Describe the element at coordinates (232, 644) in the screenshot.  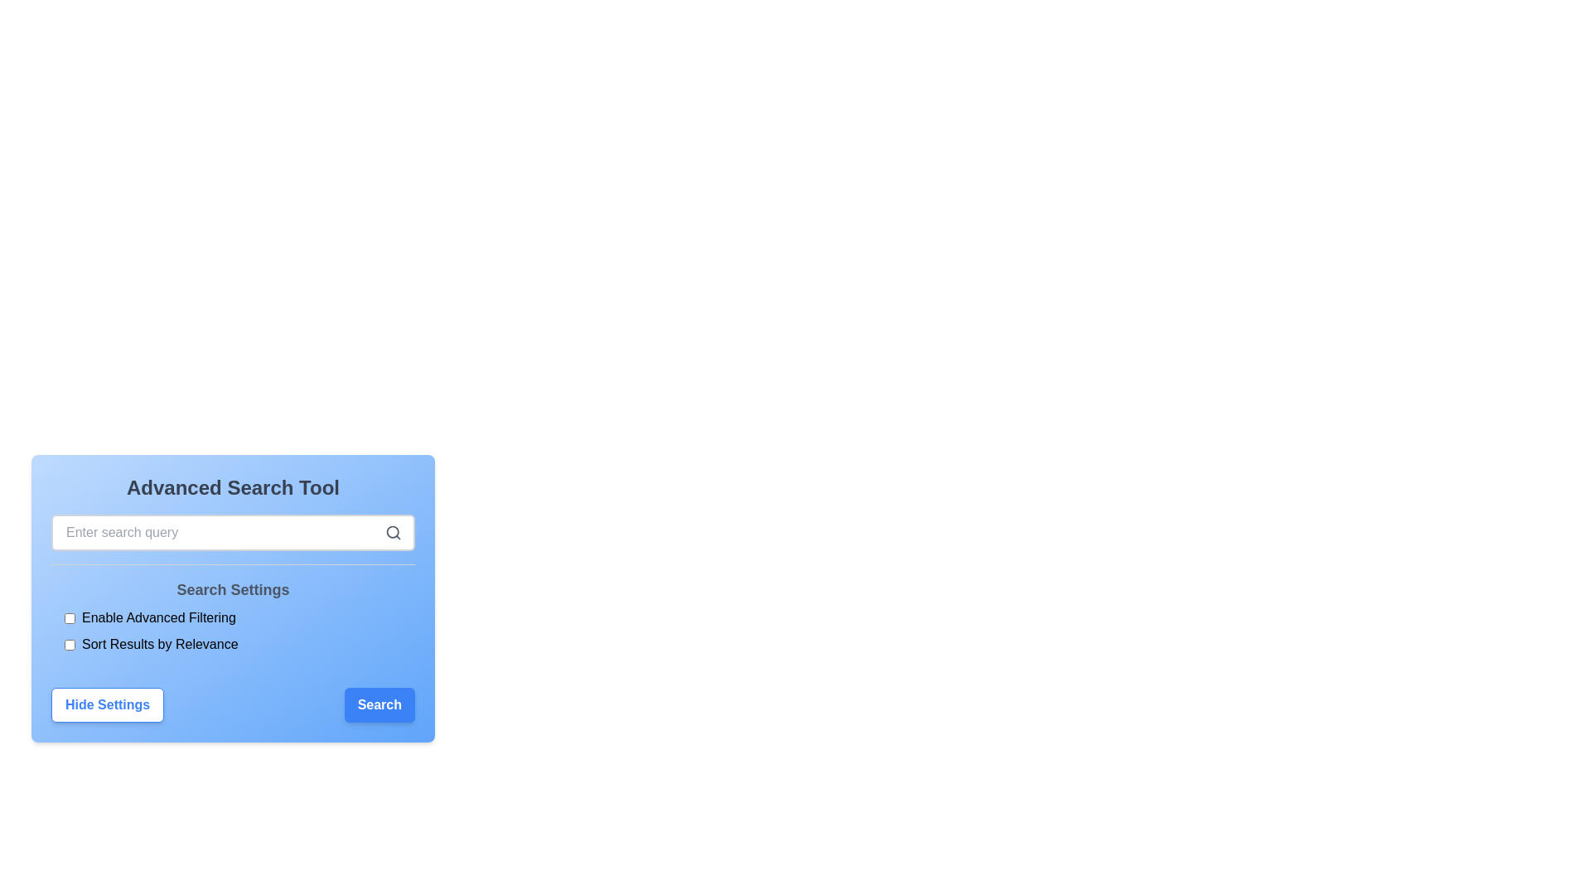
I see `the checkbox for toggling the sorting results based on relevance in the Search Settings area, located below the 'Enable Advanced Filtering' section` at that location.